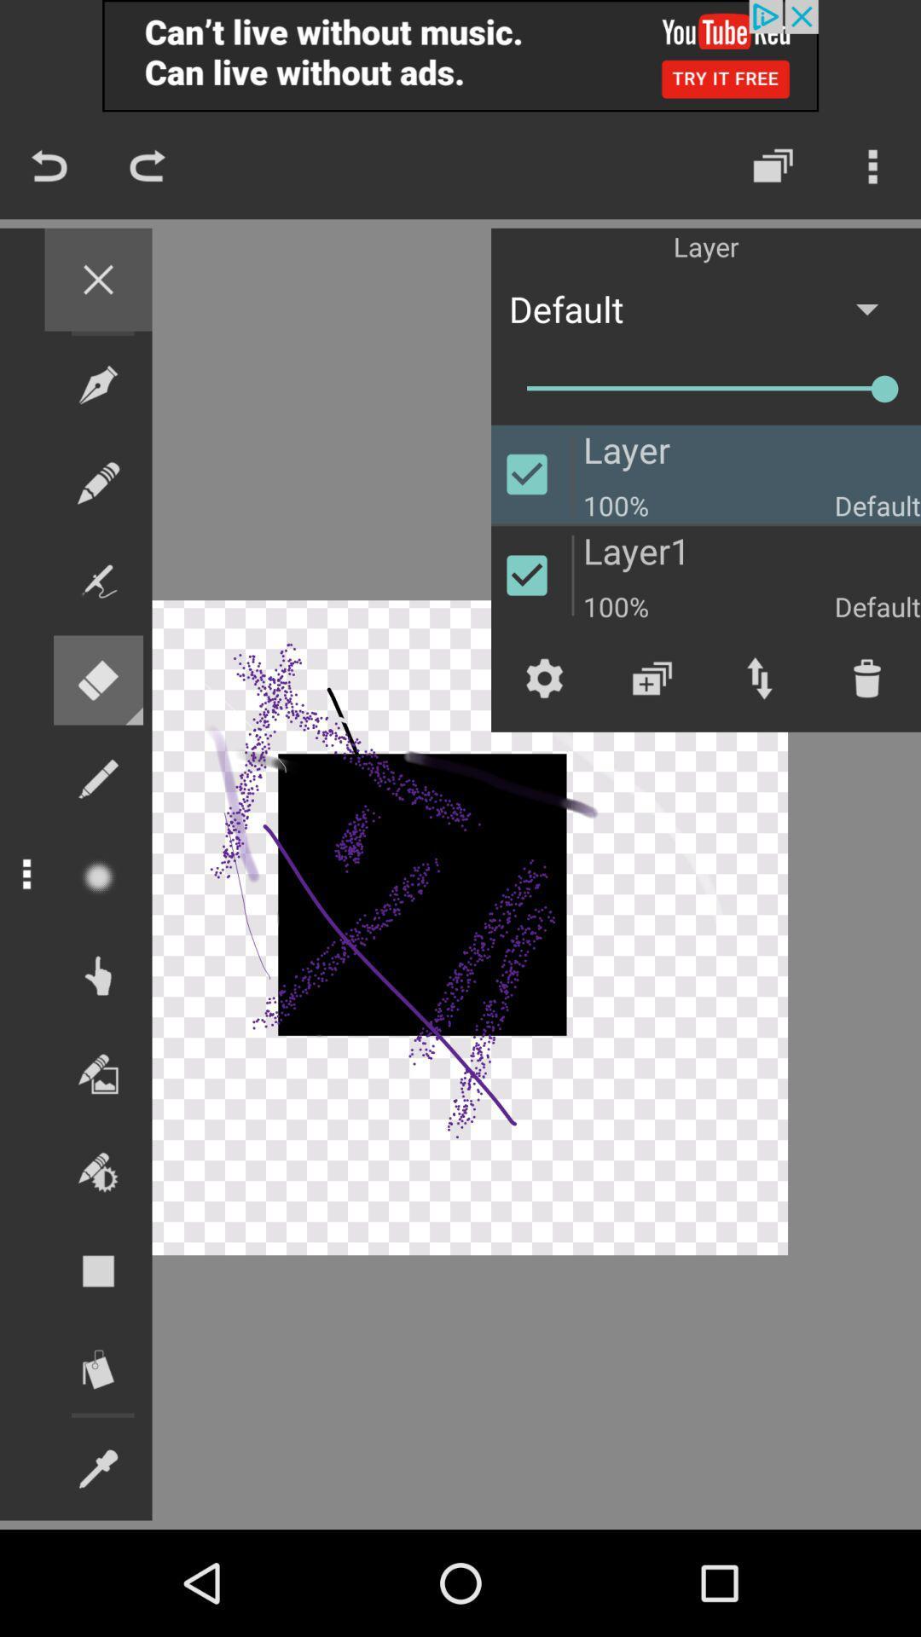 This screenshot has width=921, height=1637. Describe the element at coordinates (98, 280) in the screenshot. I see `the close icon` at that location.